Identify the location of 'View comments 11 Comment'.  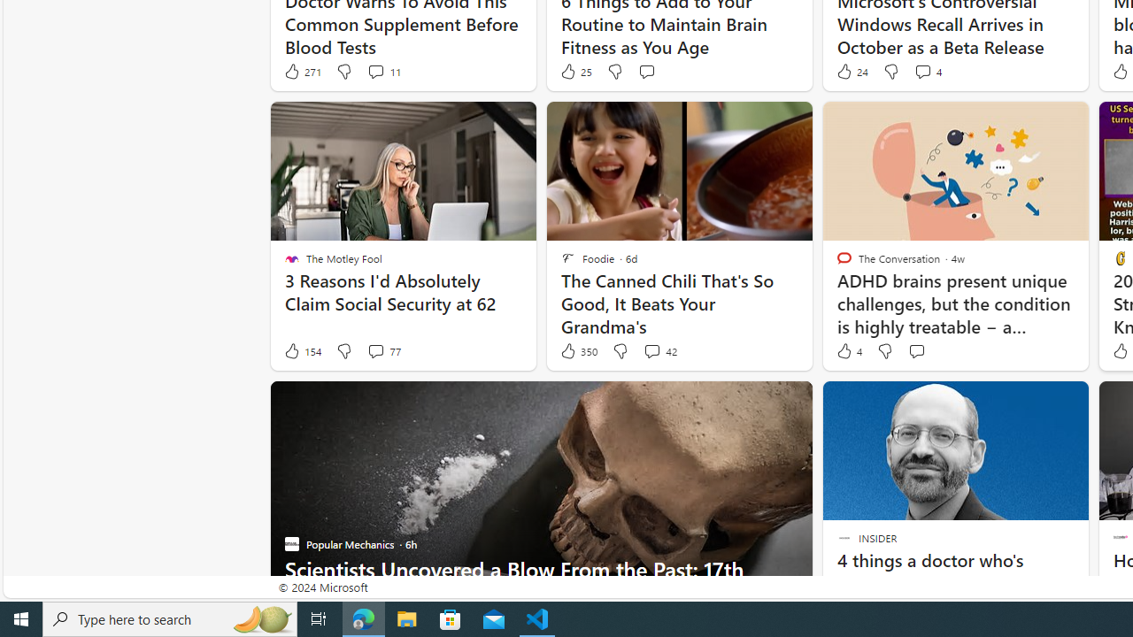
(374, 71).